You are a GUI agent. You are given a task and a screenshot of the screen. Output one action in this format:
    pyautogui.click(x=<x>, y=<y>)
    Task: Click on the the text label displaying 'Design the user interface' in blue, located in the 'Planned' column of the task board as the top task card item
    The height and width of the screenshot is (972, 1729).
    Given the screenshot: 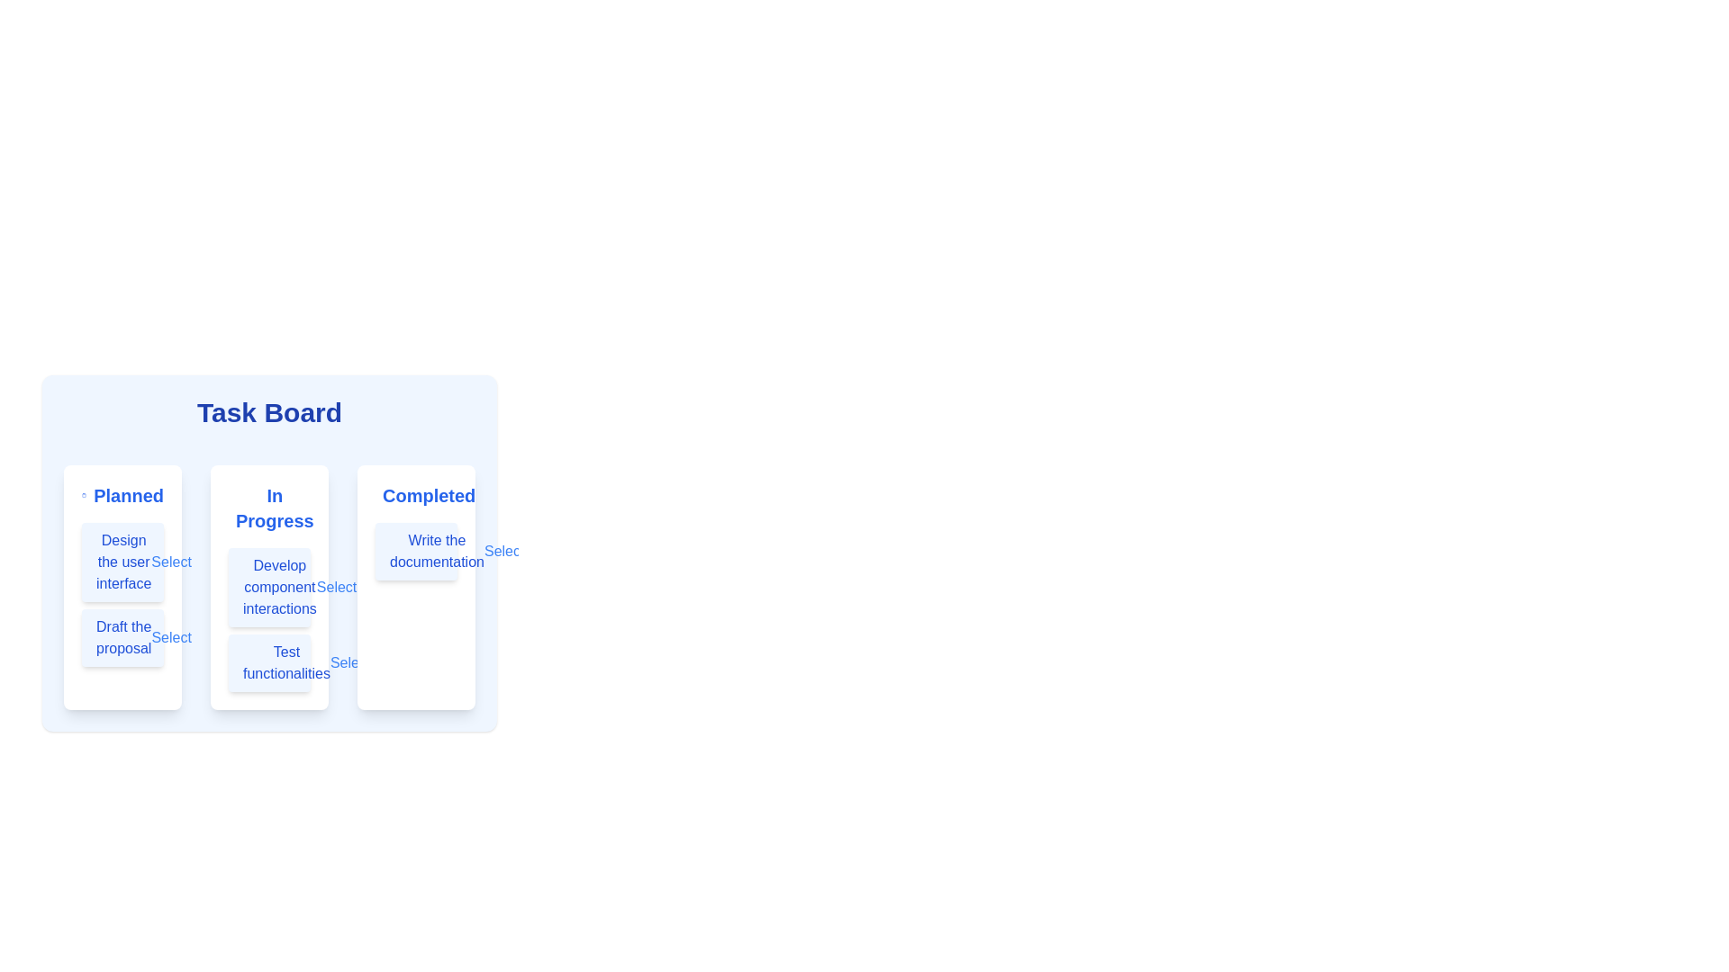 What is the action you would take?
    pyautogui.click(x=122, y=561)
    